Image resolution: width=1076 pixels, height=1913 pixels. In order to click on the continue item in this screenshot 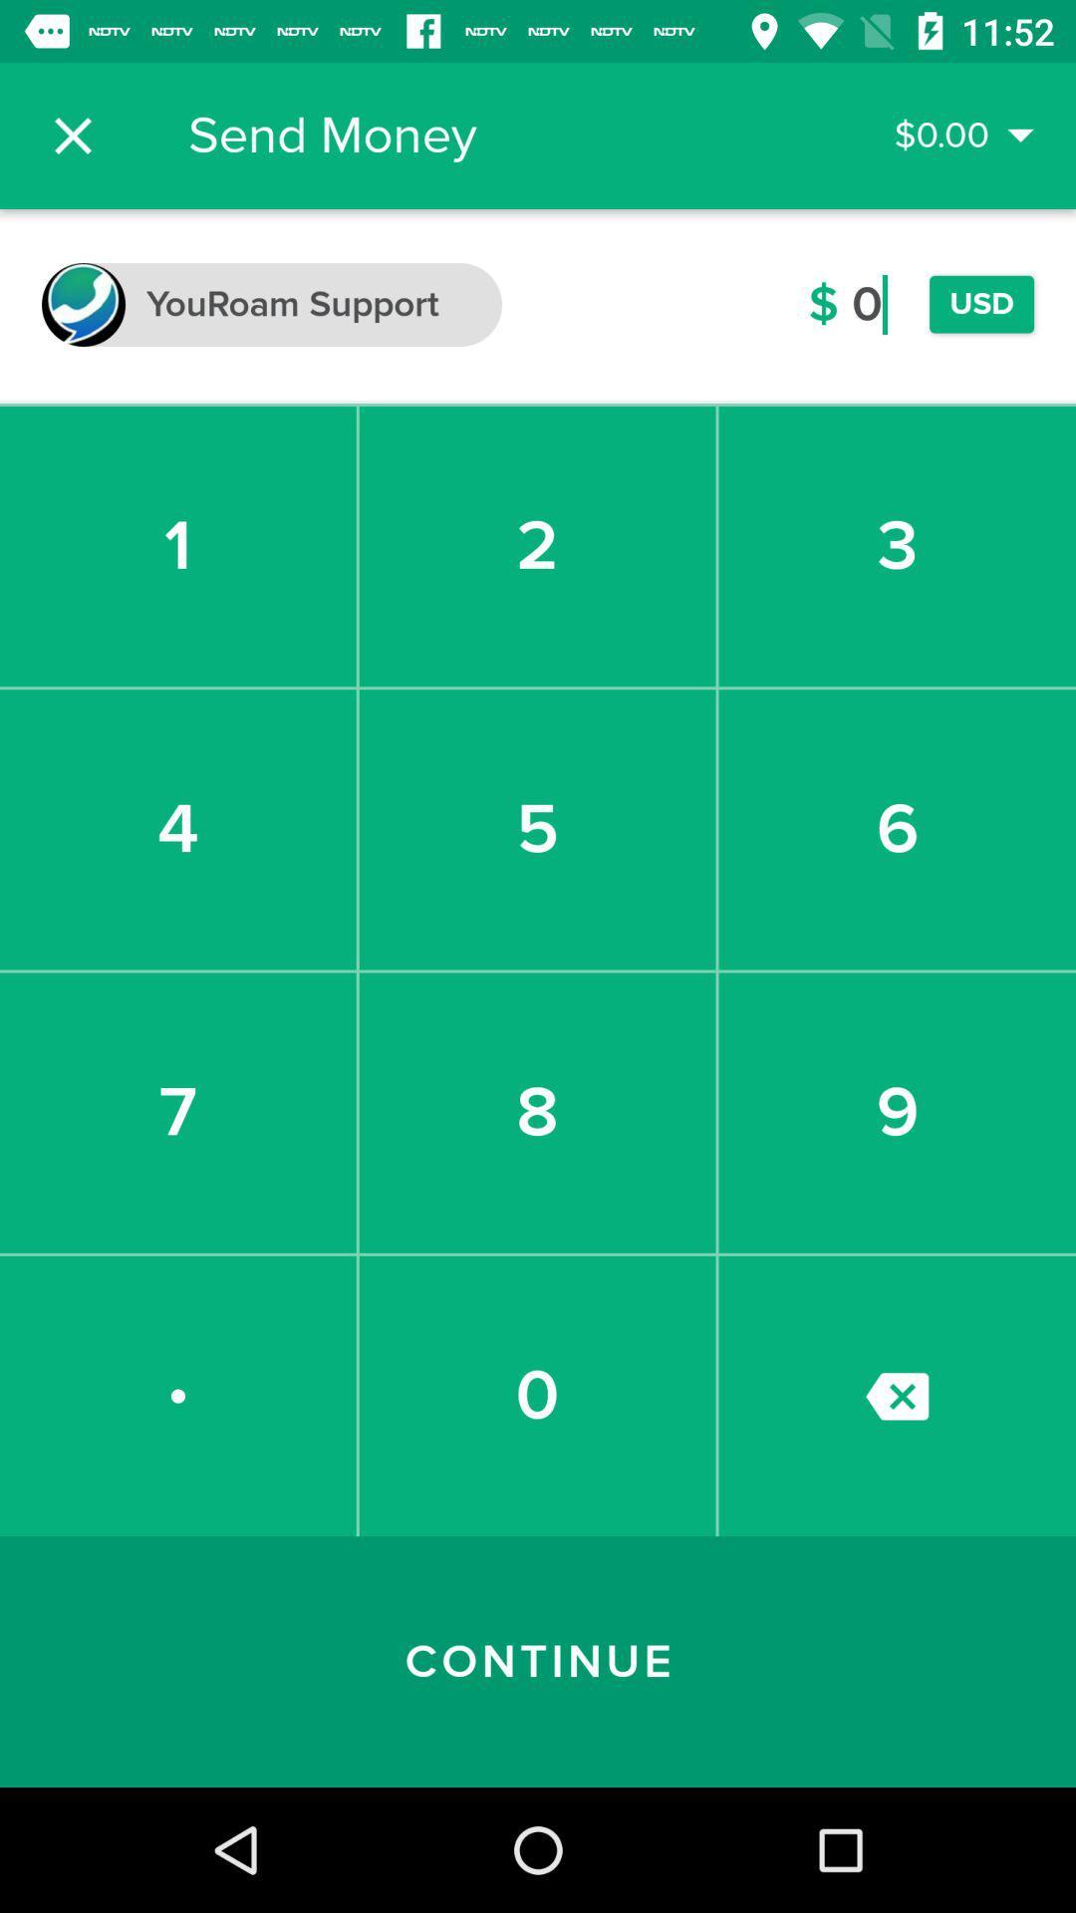, I will do `click(538, 1662)`.